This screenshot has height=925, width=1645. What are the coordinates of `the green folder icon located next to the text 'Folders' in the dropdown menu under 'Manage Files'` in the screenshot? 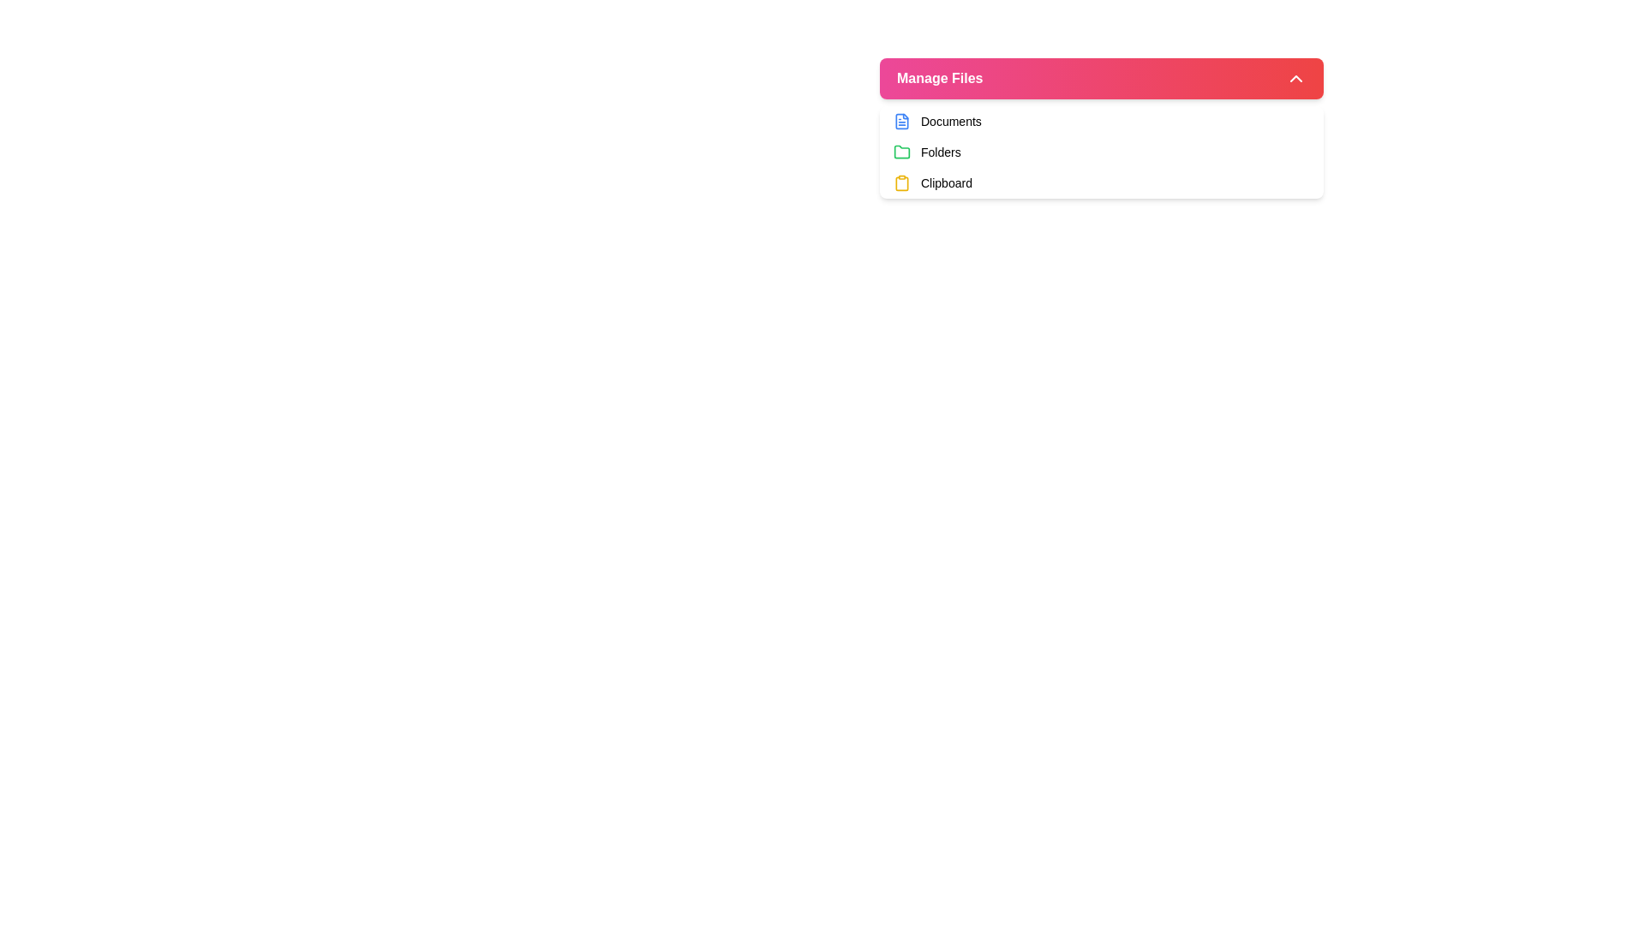 It's located at (900, 151).